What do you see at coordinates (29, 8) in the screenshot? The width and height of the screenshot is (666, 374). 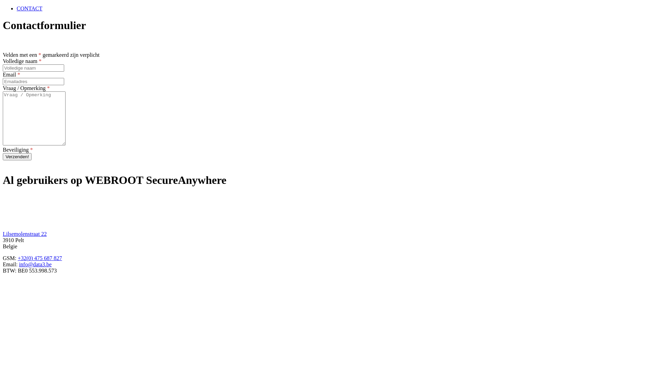 I see `'CONTACT'` at bounding box center [29, 8].